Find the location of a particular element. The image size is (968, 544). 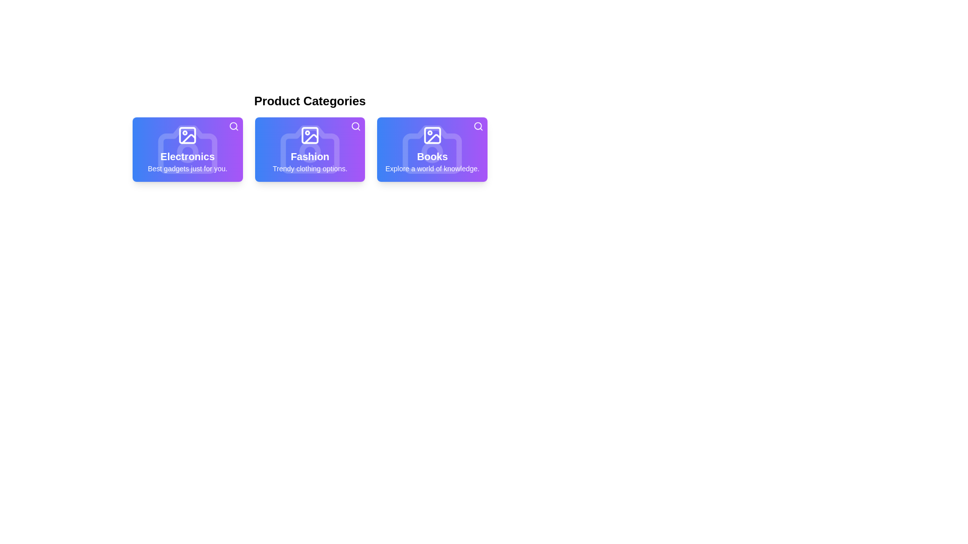

the Icon Button located at the top-right corner of the 'Electronics' card to initiate a search is located at coordinates (233, 125).